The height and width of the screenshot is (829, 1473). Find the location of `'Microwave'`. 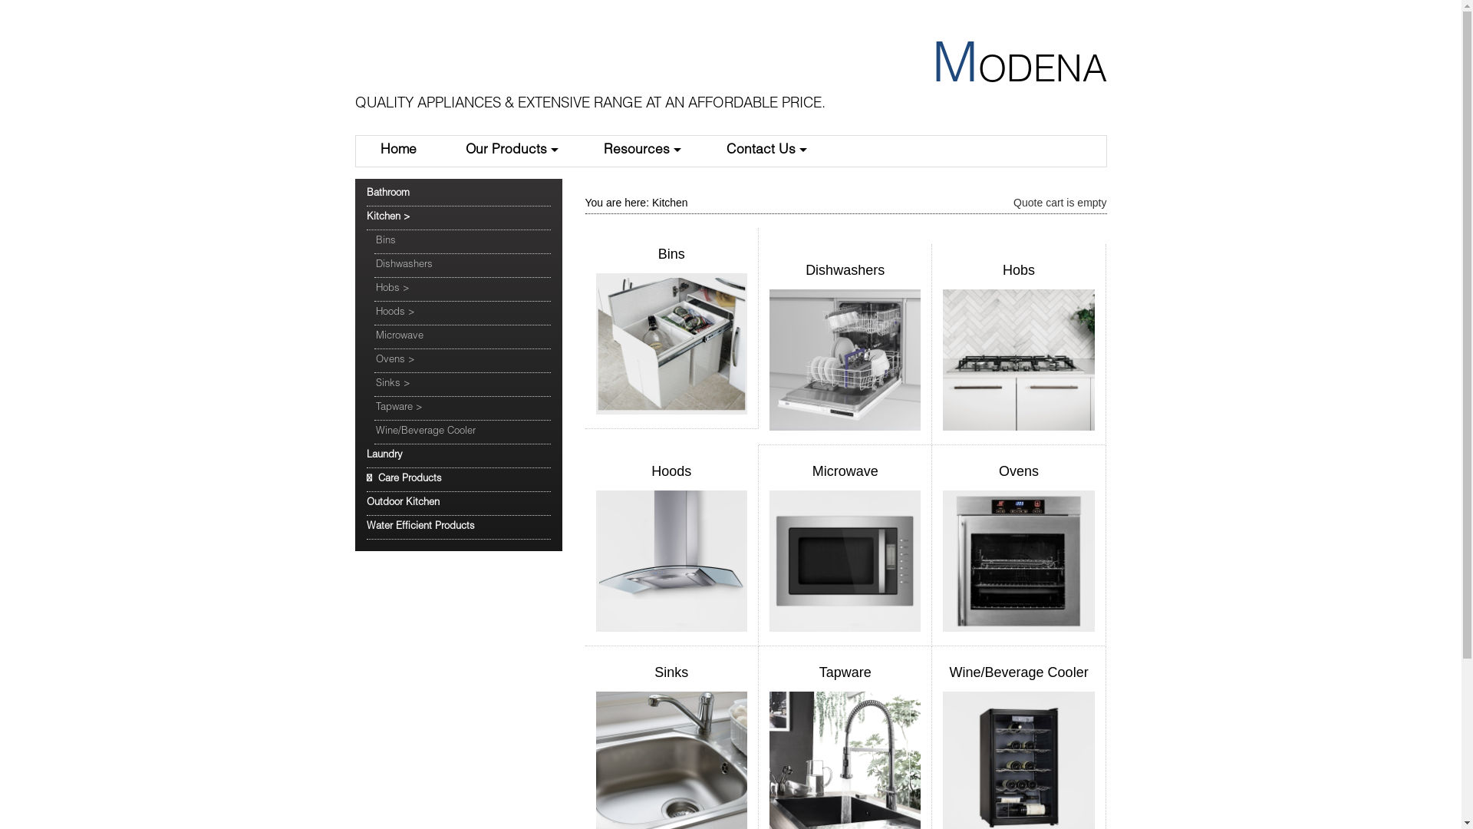

'Microwave' is located at coordinates (845, 470).